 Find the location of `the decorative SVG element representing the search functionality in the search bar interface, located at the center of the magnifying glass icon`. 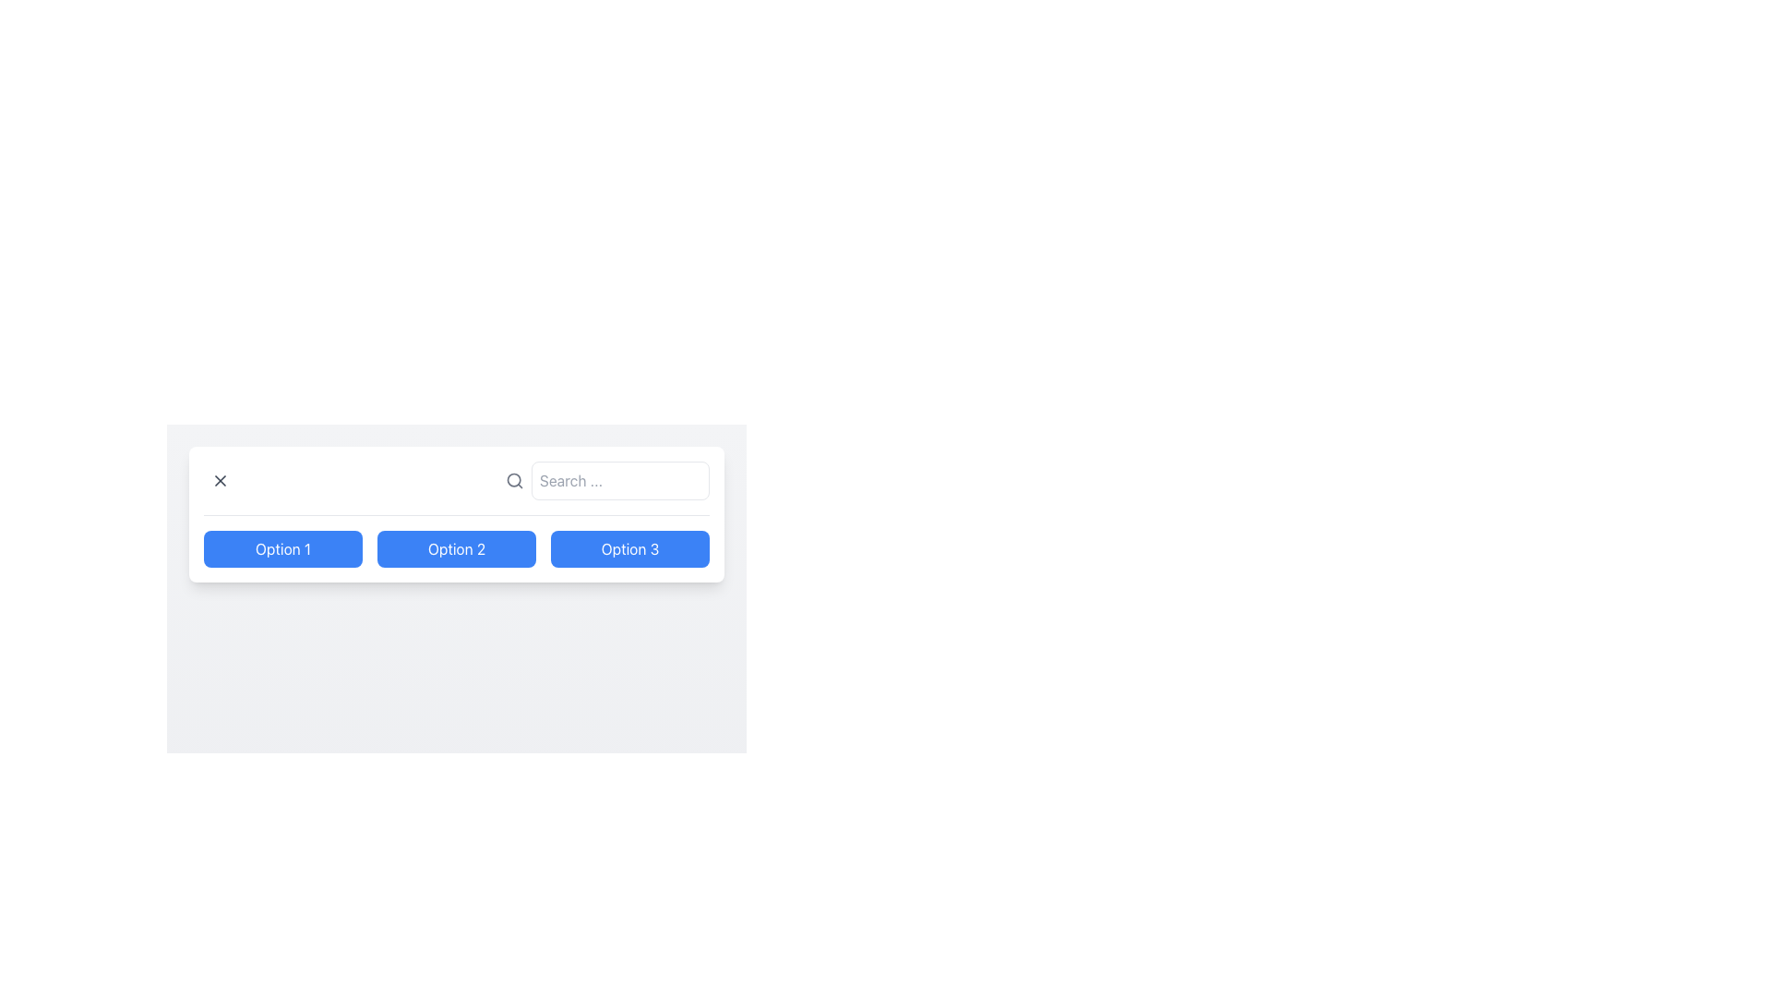

the decorative SVG element representing the search functionality in the search bar interface, located at the center of the magnifying glass icon is located at coordinates (514, 479).